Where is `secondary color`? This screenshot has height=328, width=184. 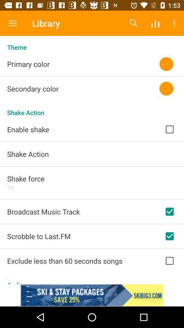
secondary color is located at coordinates (18, 95).